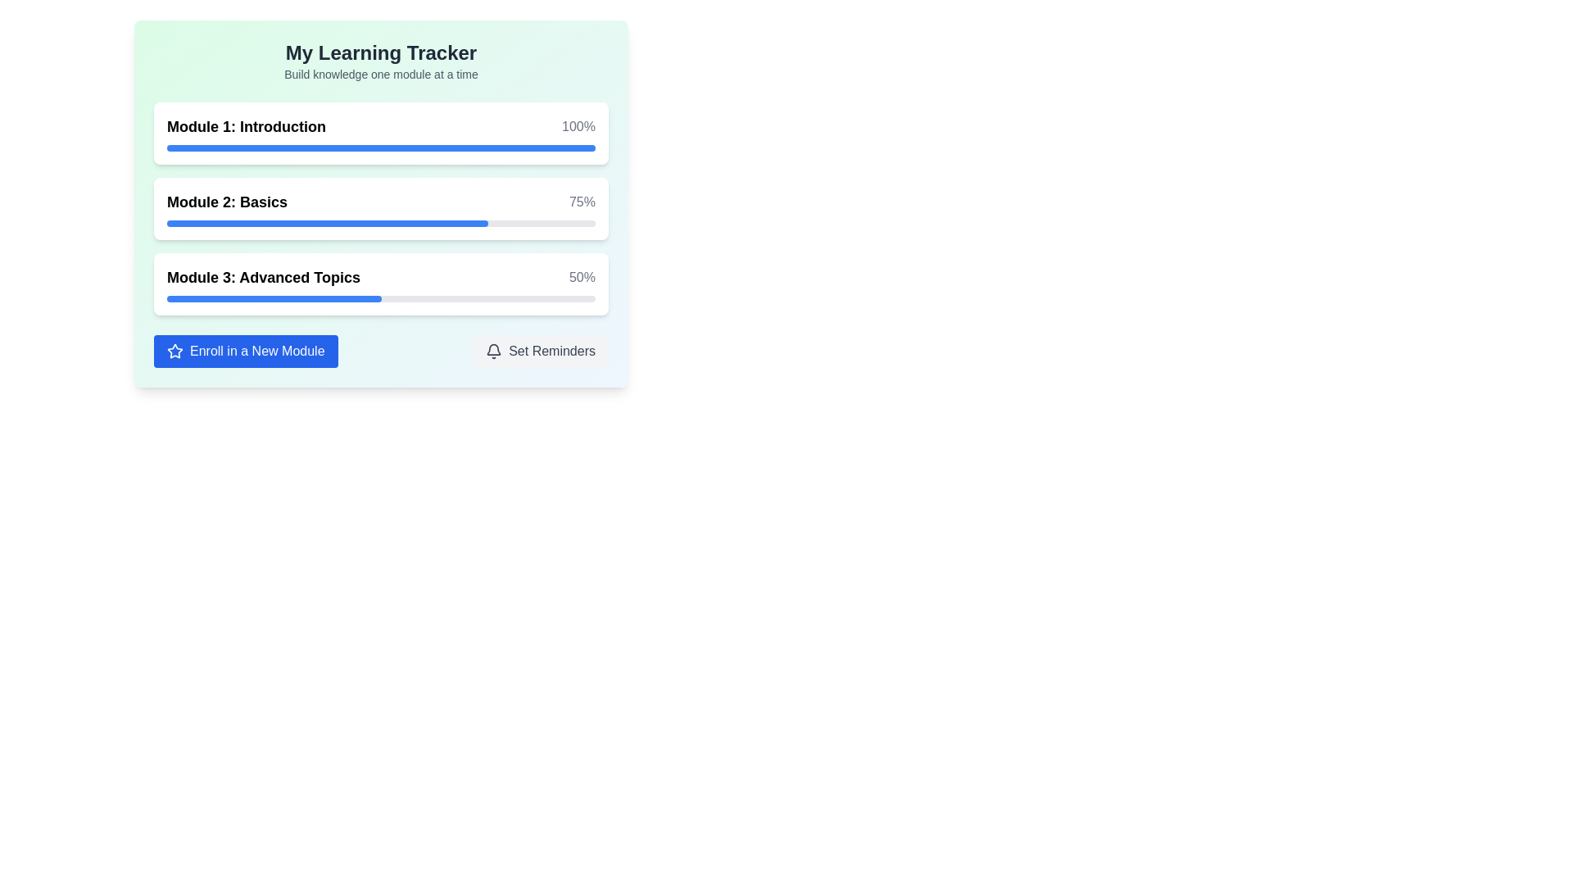 This screenshot has width=1573, height=885. What do you see at coordinates (380, 224) in the screenshot?
I see `the Progress Bar representing 'Module 2: Basics' with 75% completion, located below the text in the second card` at bounding box center [380, 224].